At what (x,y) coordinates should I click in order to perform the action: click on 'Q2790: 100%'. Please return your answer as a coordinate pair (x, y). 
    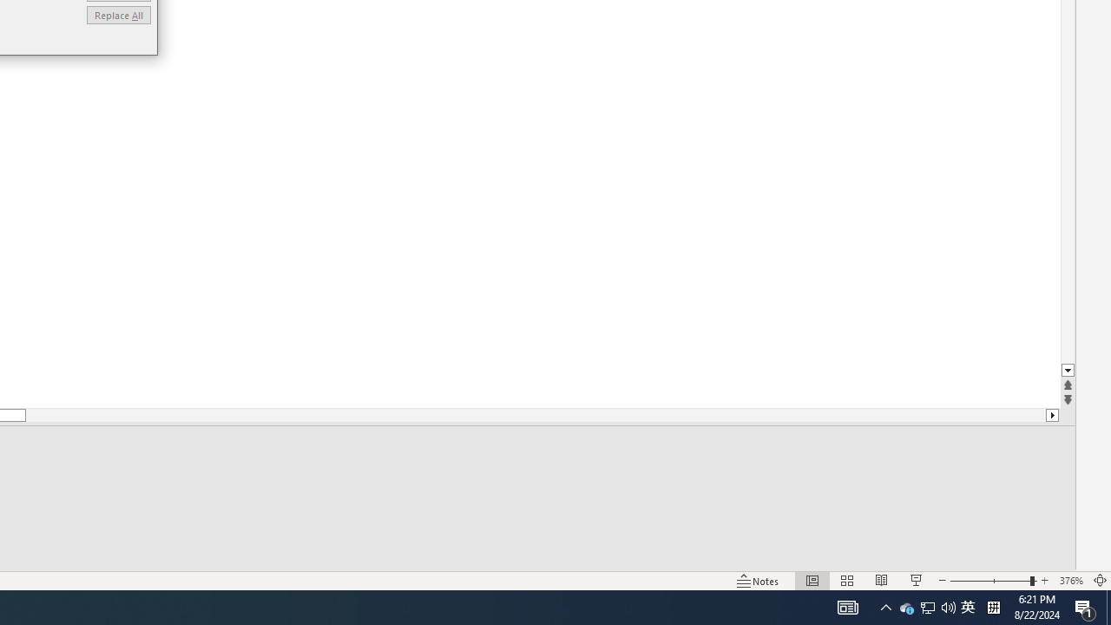
    Looking at the image, I should click on (927, 606).